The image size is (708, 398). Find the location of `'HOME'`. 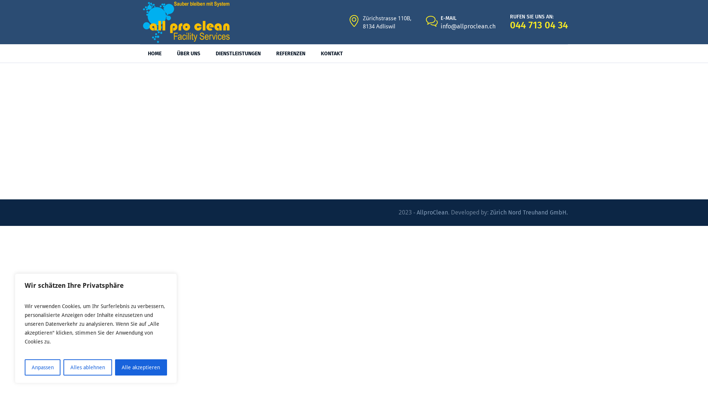

'HOME' is located at coordinates (154, 53).